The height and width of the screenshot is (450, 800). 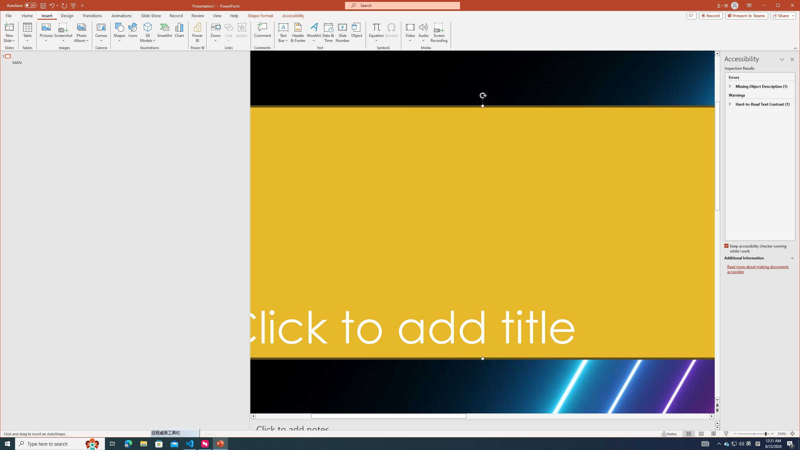 What do you see at coordinates (283, 27) in the screenshot?
I see `'Draw Horizontal Text Box'` at bounding box center [283, 27].